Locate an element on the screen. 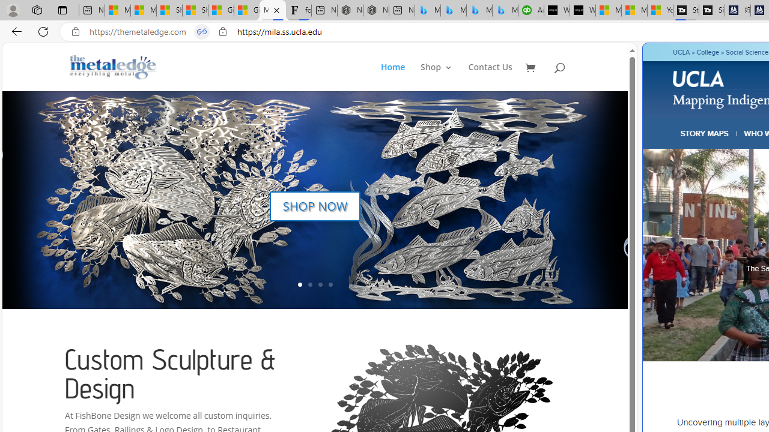 The image size is (769, 432). '4' is located at coordinates (330, 284).